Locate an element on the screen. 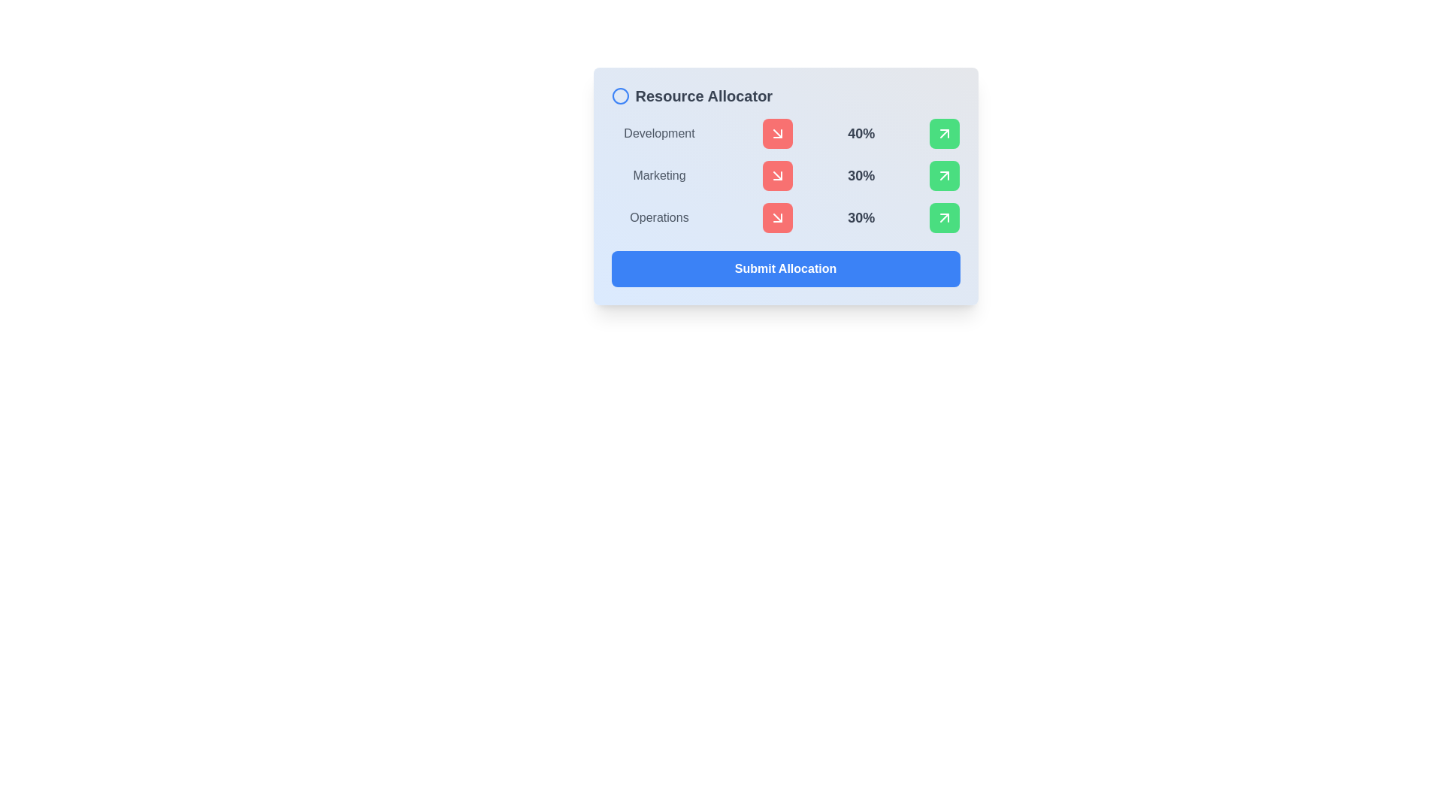  the small arrow icon pointing diagonally downwards and to the right, which is styled as an outlined graphic inside the red circular button in the Operations row of the resource allocation form is located at coordinates (777, 217).